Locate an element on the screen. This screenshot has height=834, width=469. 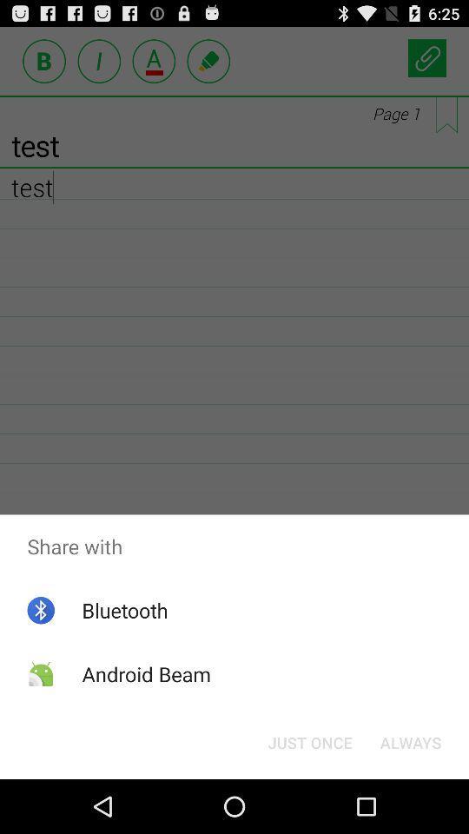
always button is located at coordinates (410, 741).